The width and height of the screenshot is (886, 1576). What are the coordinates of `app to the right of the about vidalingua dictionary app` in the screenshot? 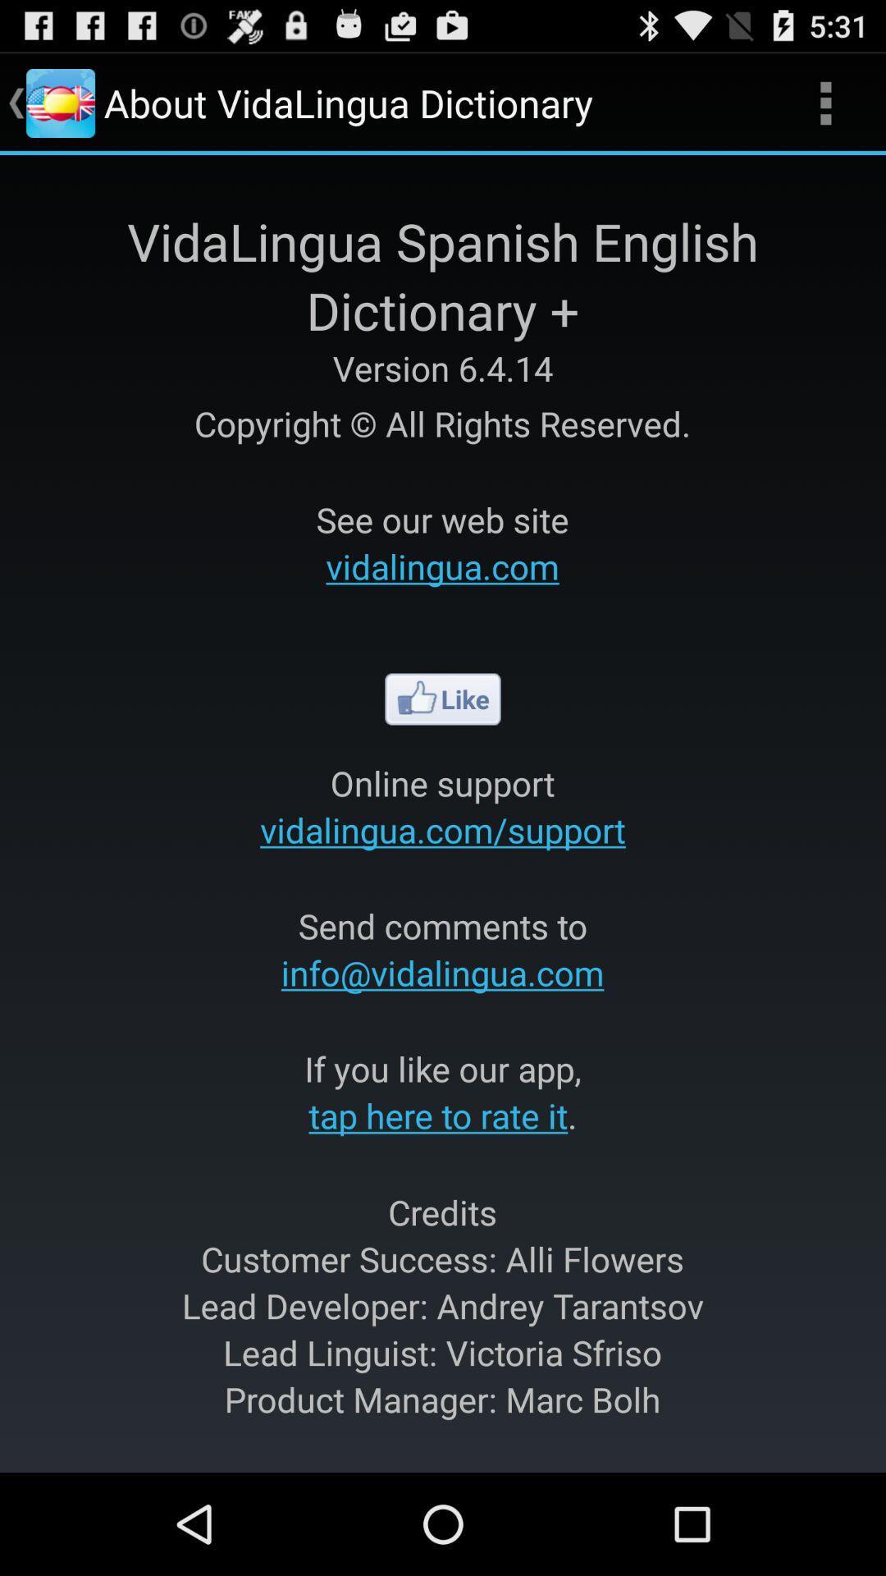 It's located at (825, 102).